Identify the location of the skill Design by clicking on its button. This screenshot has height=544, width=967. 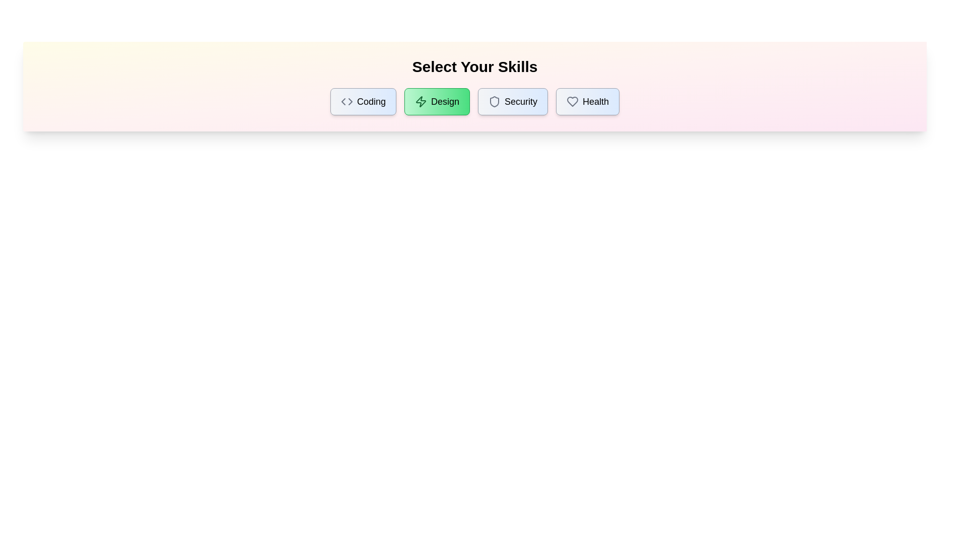
(437, 101).